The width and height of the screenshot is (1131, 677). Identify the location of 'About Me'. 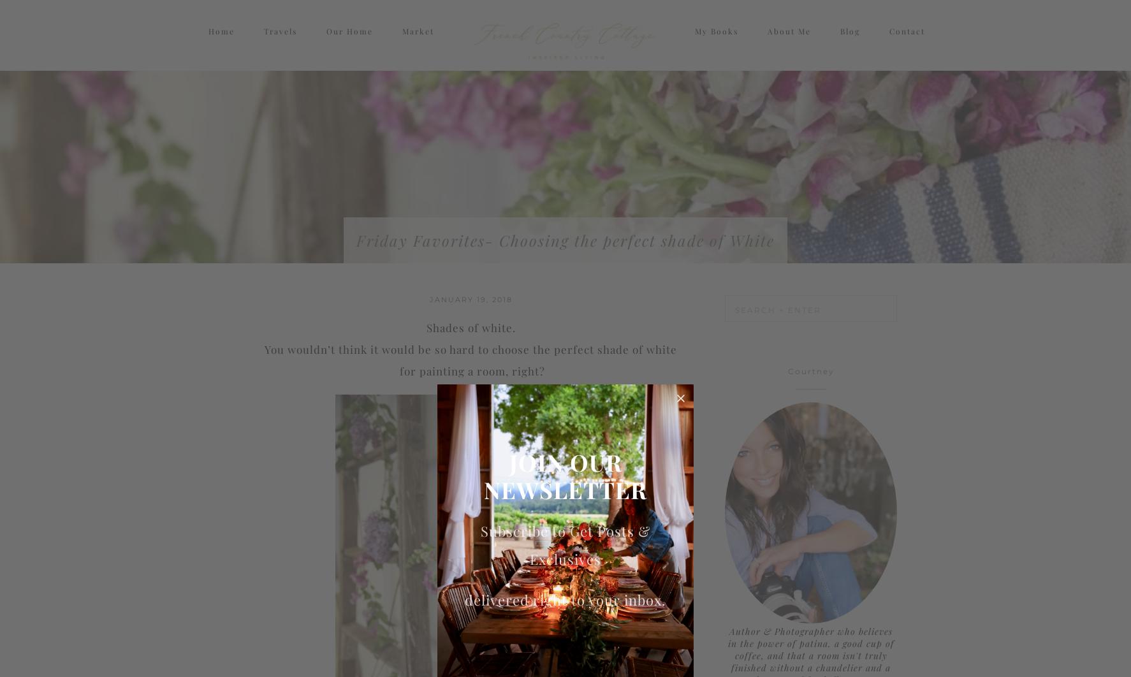
(766, 43).